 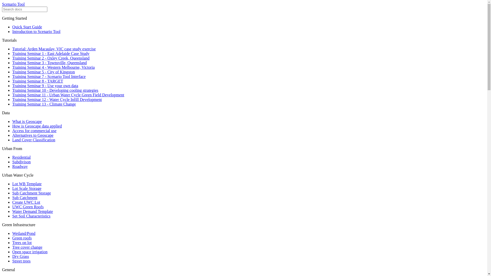 What do you see at coordinates (12, 140) in the screenshot?
I see `'Land Cover Classification'` at bounding box center [12, 140].